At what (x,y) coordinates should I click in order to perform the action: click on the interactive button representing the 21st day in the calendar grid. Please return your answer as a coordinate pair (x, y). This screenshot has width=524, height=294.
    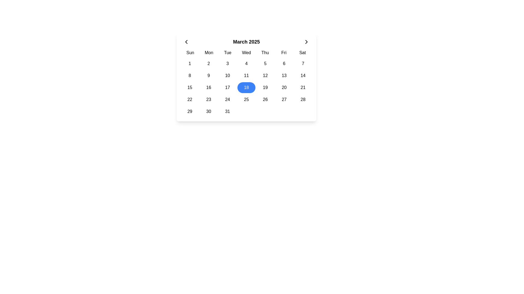
    Looking at the image, I should click on (303, 87).